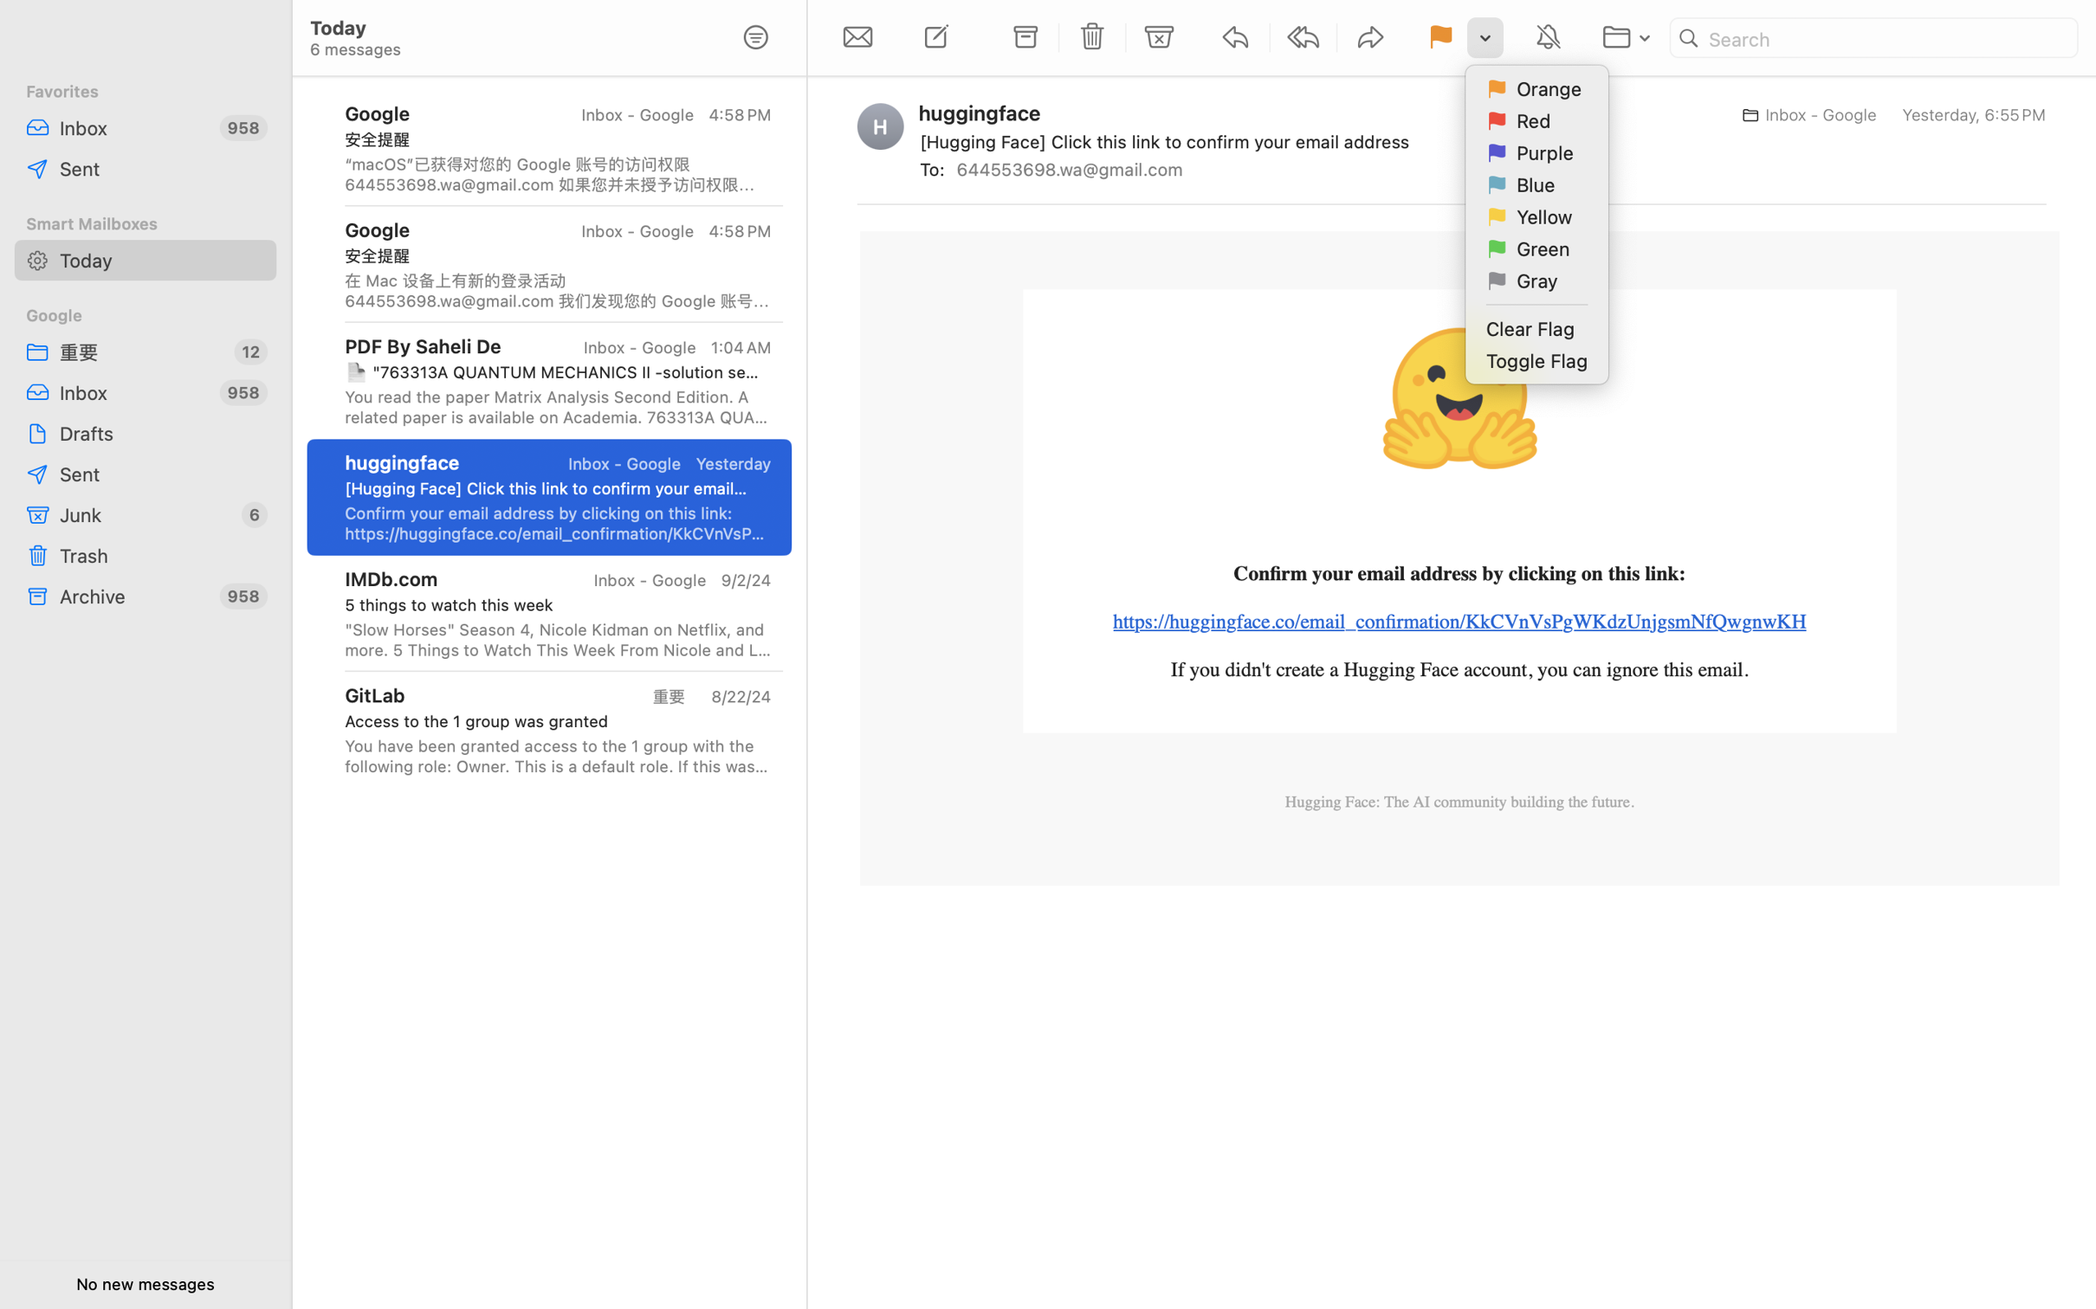 This screenshot has width=2096, height=1309. Describe the element at coordinates (558, 757) in the screenshot. I see `'You have been granted access to the 1 group with the following role: Owner. This is a default role. If this was a mistake you can leave the group. You'` at that location.